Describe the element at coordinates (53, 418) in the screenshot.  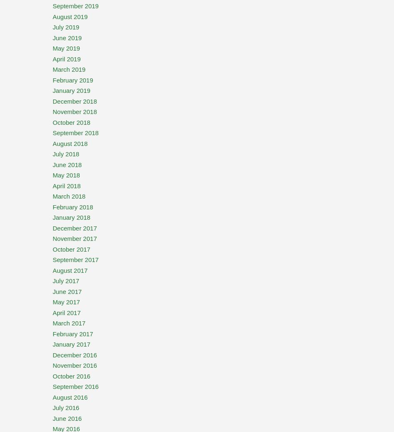
I see `'June 2016'` at that location.